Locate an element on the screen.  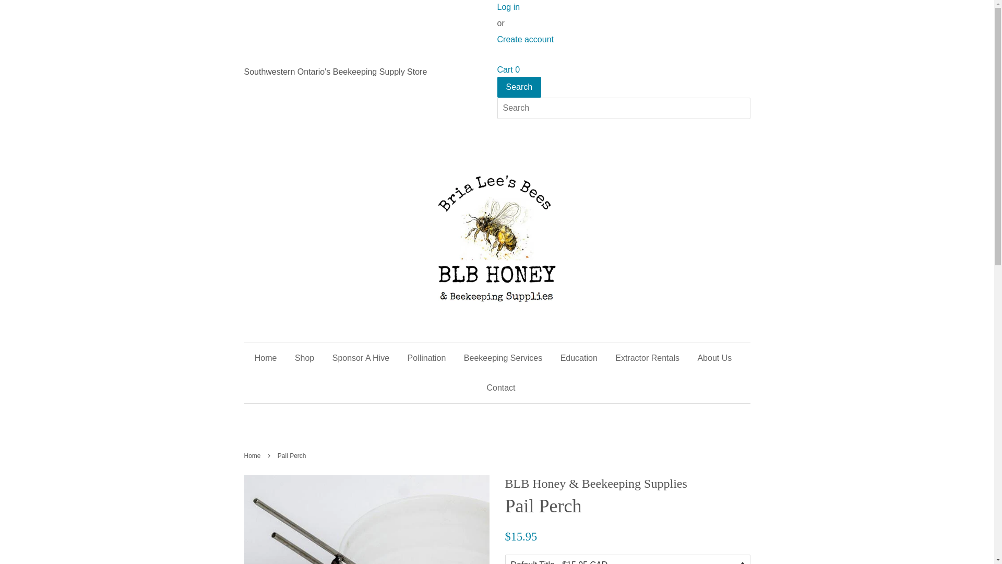
'Log in' is located at coordinates (508, 7).